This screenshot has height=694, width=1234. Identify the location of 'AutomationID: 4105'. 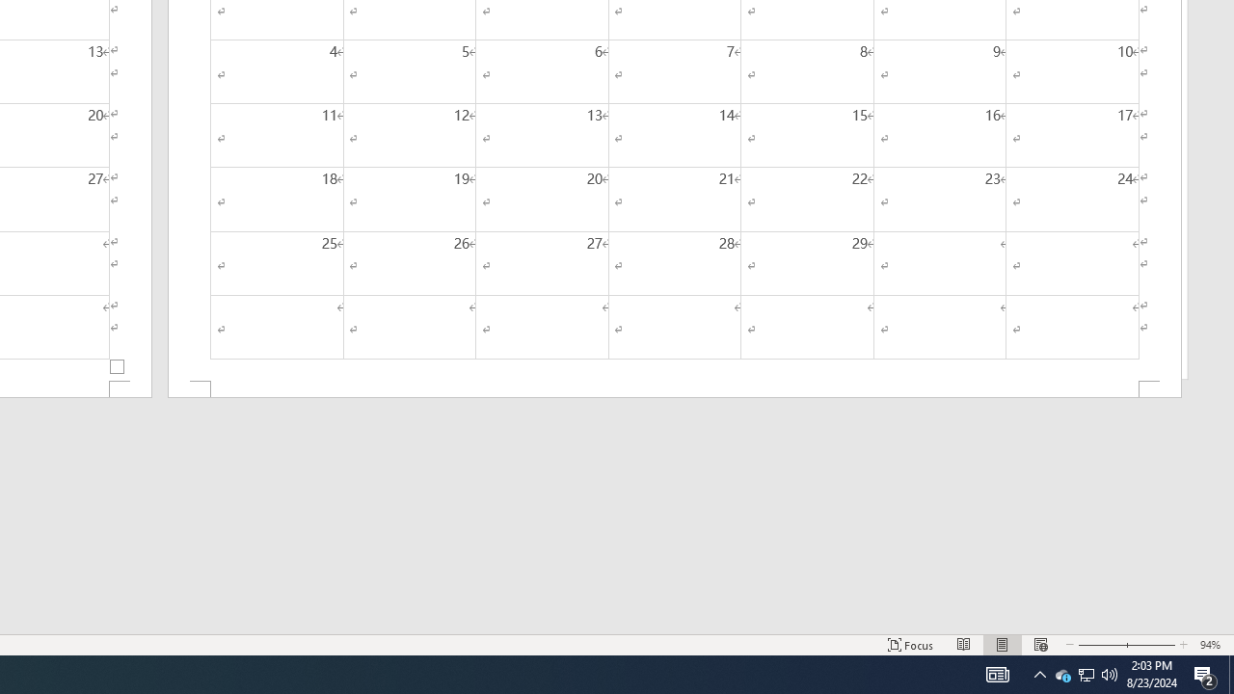
(997, 673).